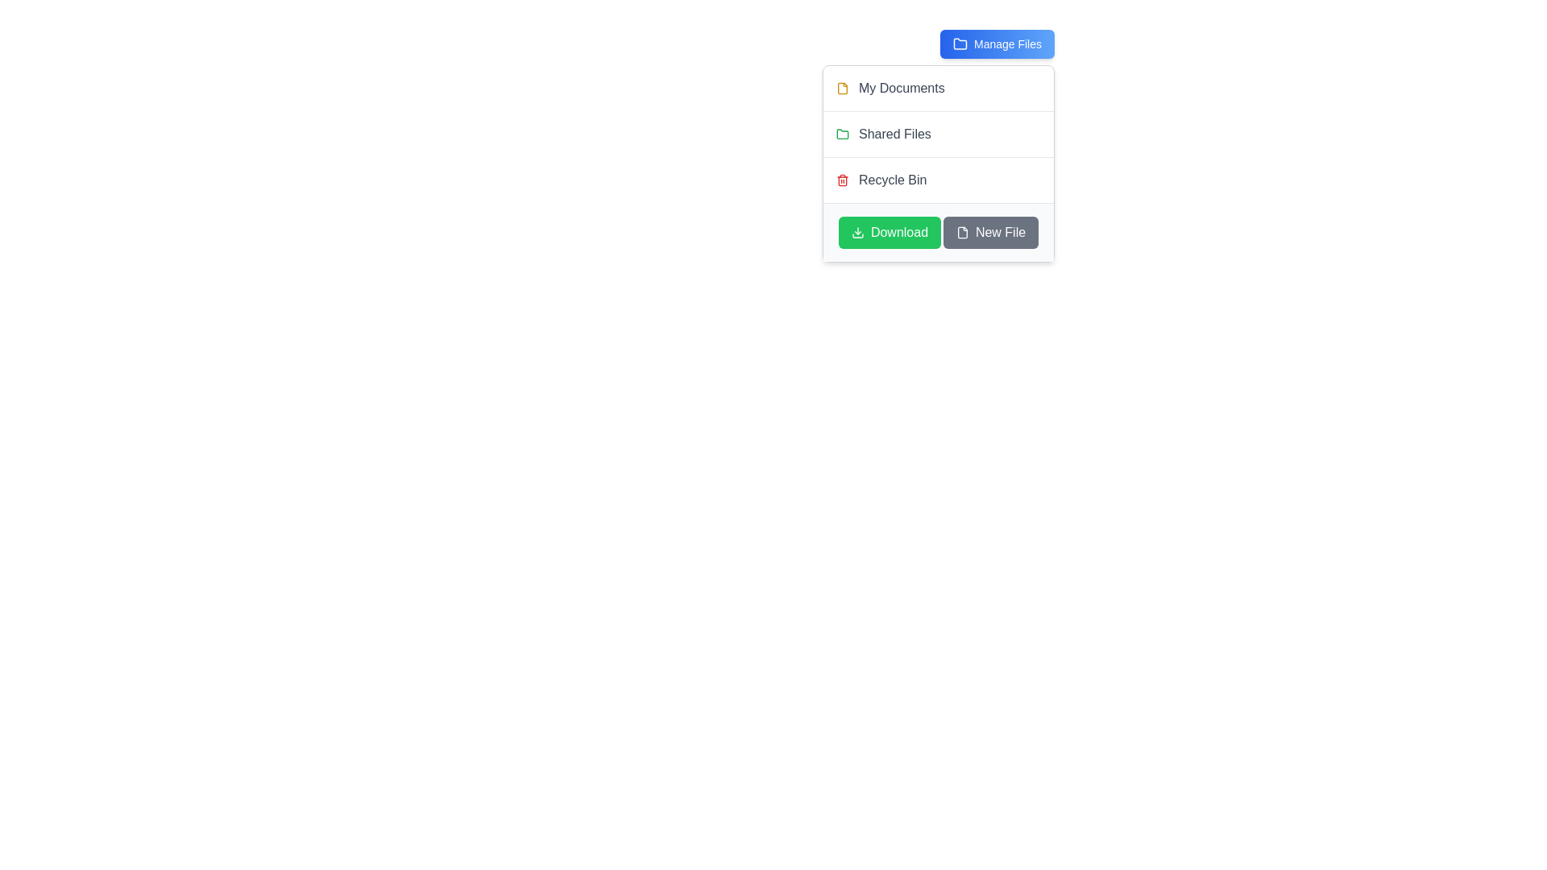  Describe the element at coordinates (892, 180) in the screenshot. I see `the 'Recycle Bin' static text label, which is the third item in a vertical list of options styled in gray color` at that location.